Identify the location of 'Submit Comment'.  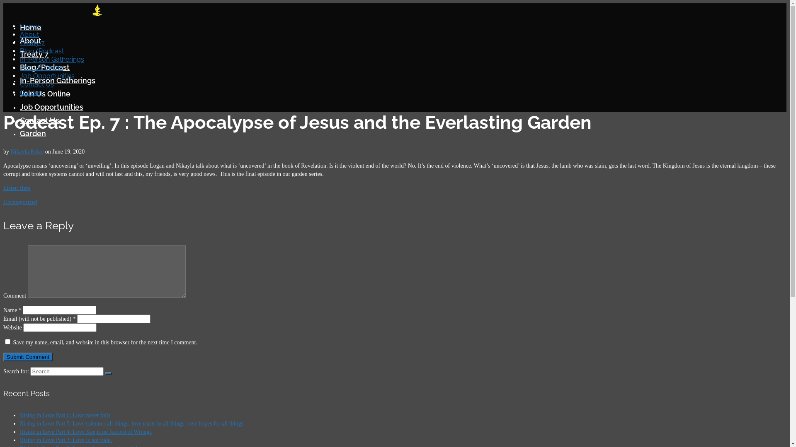
(3, 356).